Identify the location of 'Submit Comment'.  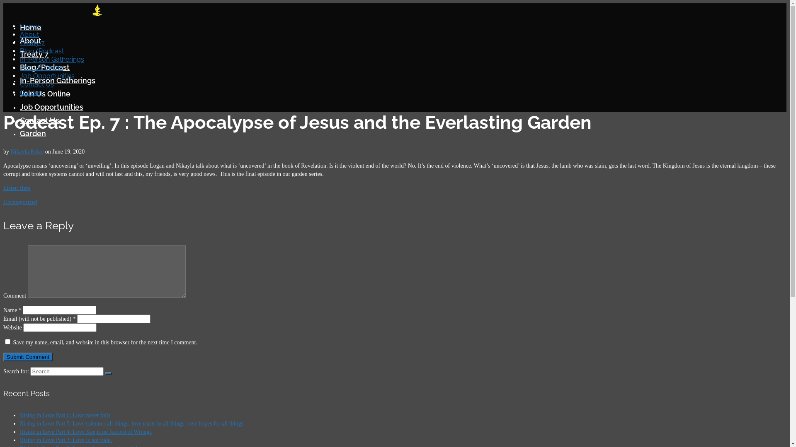
(3, 356).